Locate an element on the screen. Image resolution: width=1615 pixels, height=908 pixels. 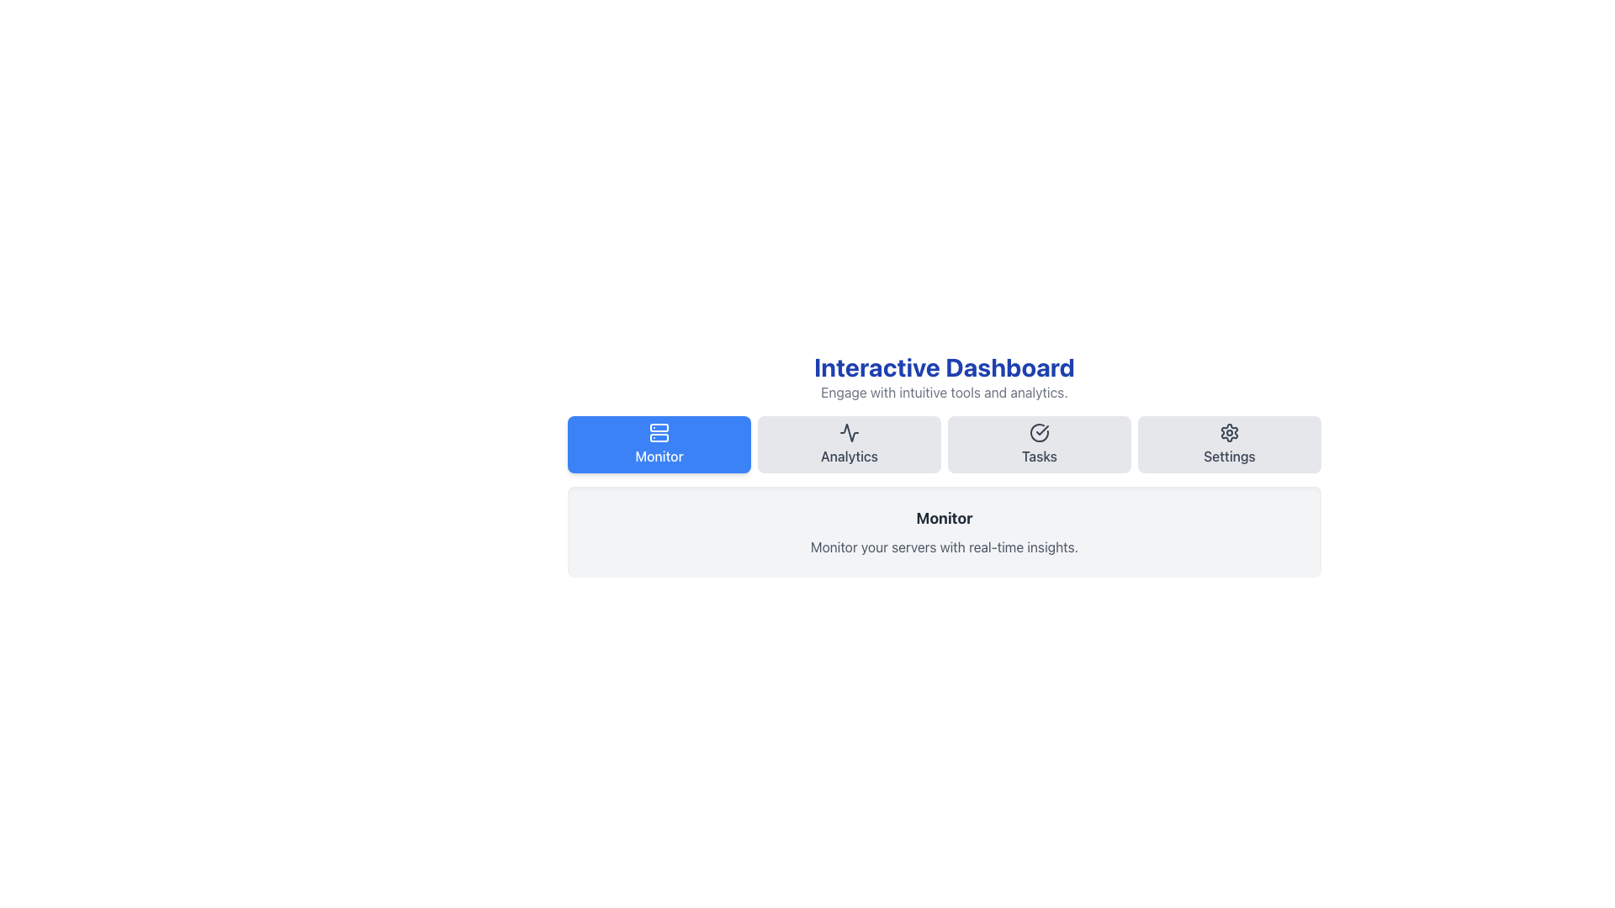
the 'Monitor' text label located at the bottom center of the blue rectangular button is located at coordinates (658, 457).